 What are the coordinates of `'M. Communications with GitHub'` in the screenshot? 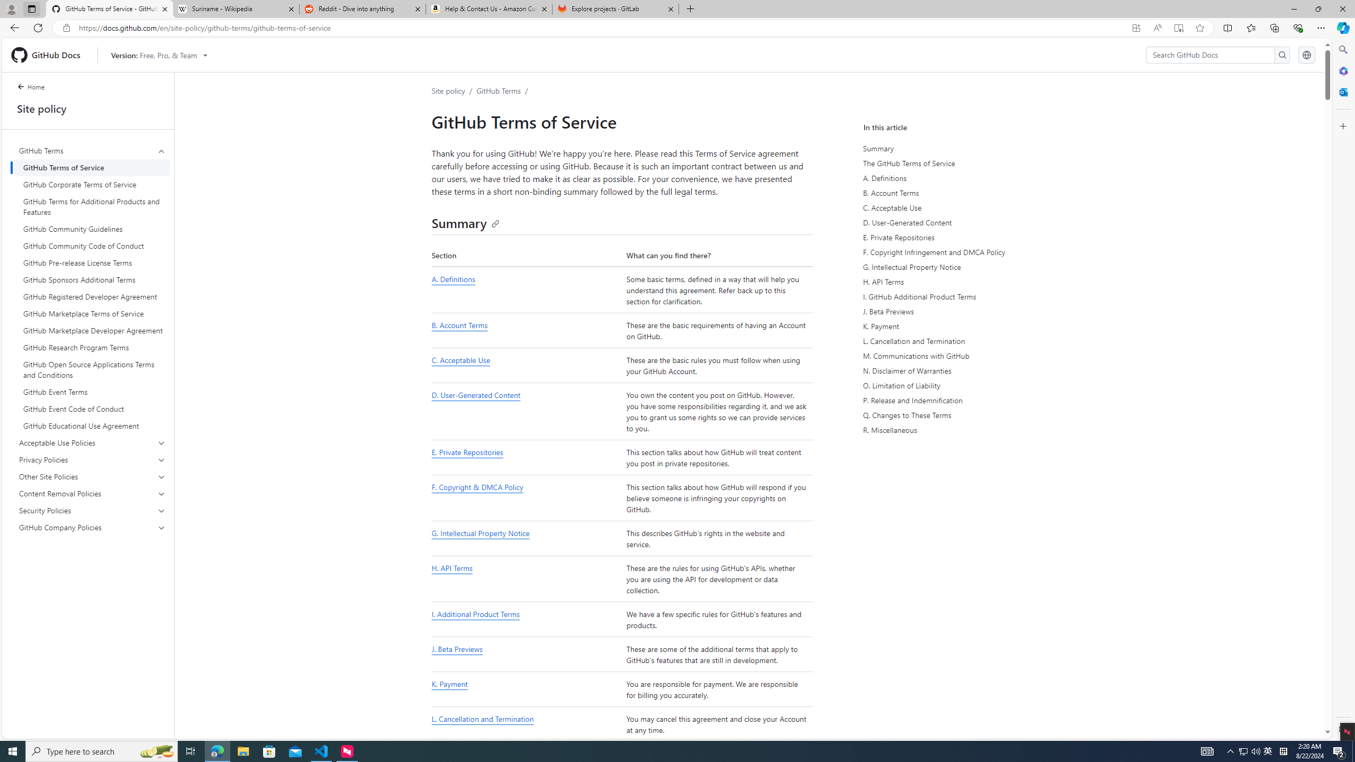 It's located at (960, 356).